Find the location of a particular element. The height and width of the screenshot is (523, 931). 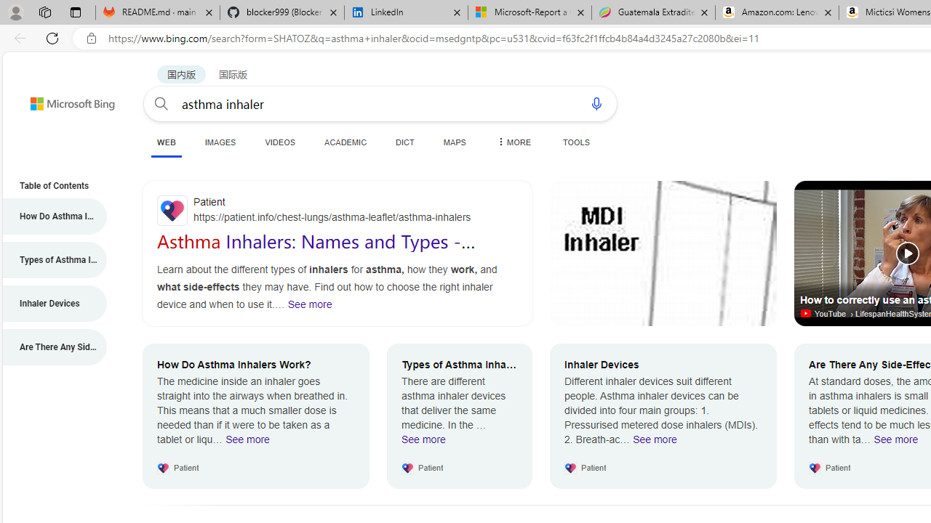

'TOOLS' is located at coordinates (575, 142).